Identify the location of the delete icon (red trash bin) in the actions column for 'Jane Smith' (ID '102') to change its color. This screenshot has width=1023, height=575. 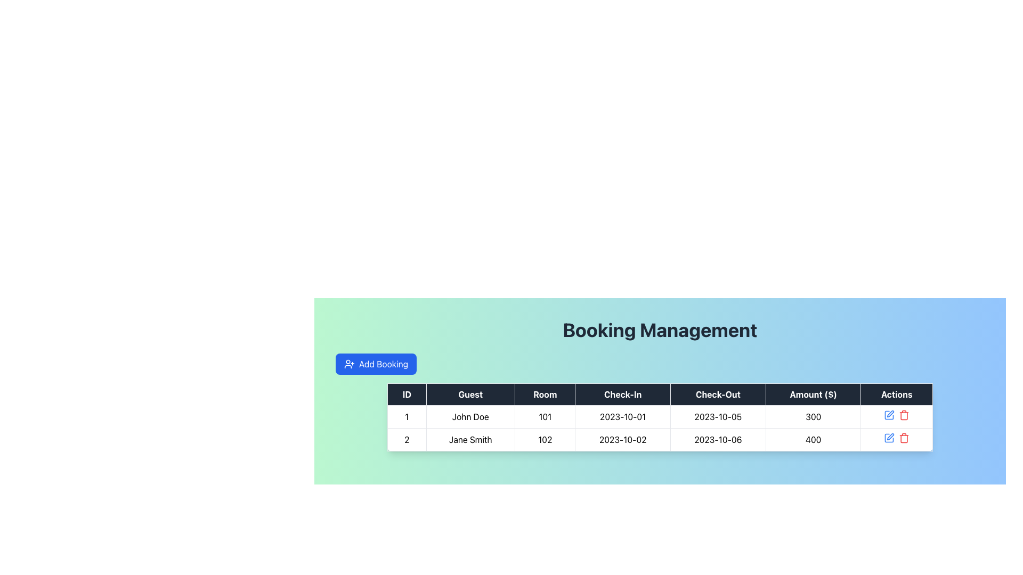
(896, 439).